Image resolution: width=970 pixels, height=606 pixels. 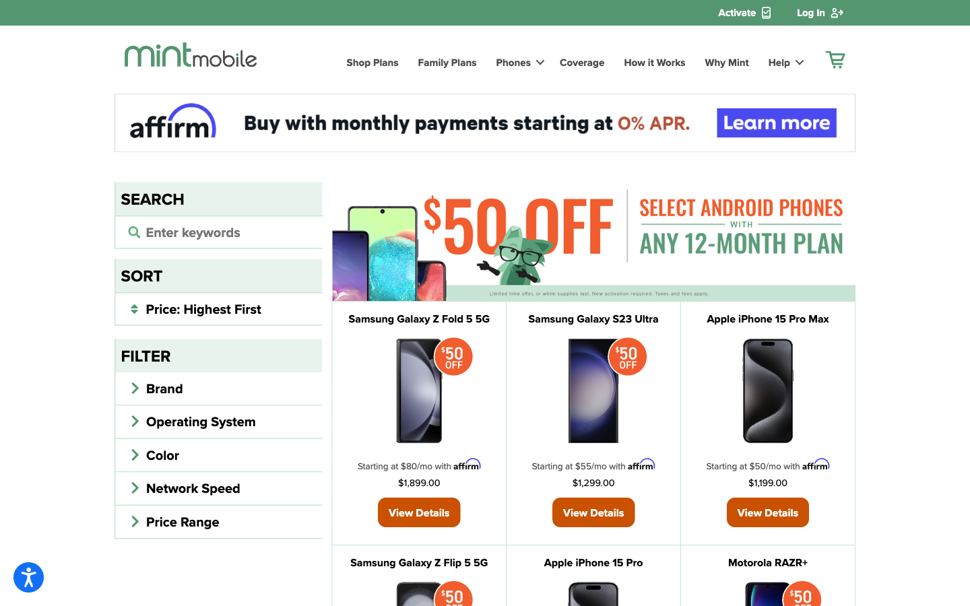 I want to click on Locate all Samsung mobile models, so click(x=218, y=231).